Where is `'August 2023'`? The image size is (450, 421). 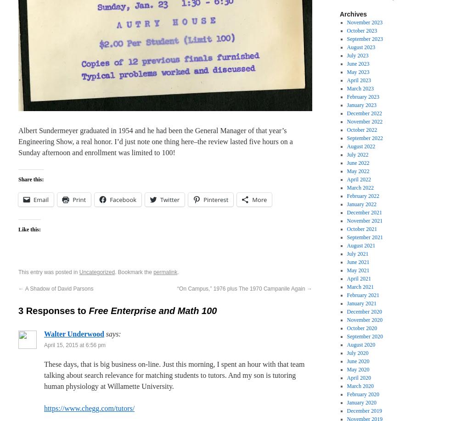 'August 2023' is located at coordinates (346, 46).